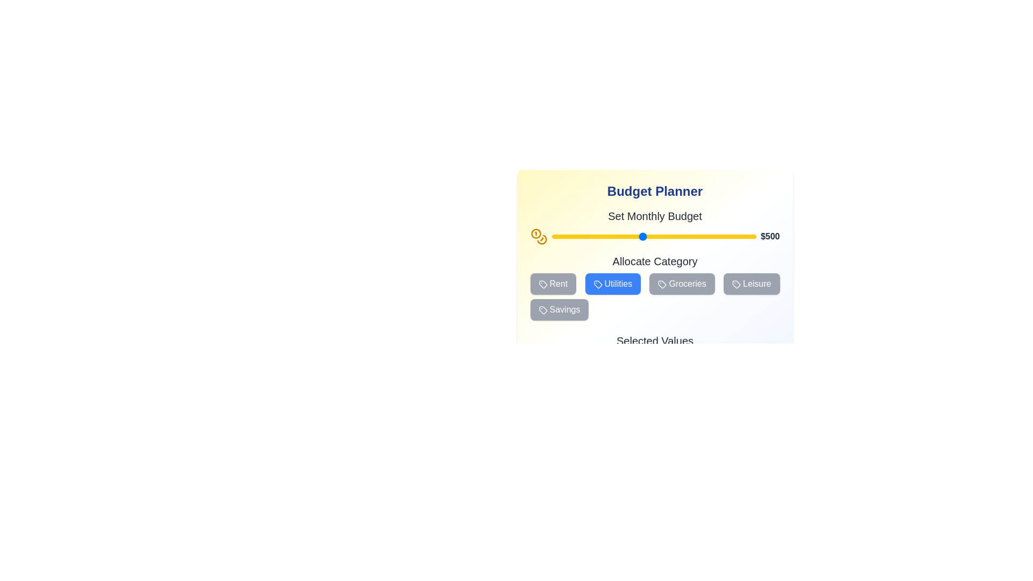 The width and height of the screenshot is (1033, 581). I want to click on the budget slider, so click(742, 236).